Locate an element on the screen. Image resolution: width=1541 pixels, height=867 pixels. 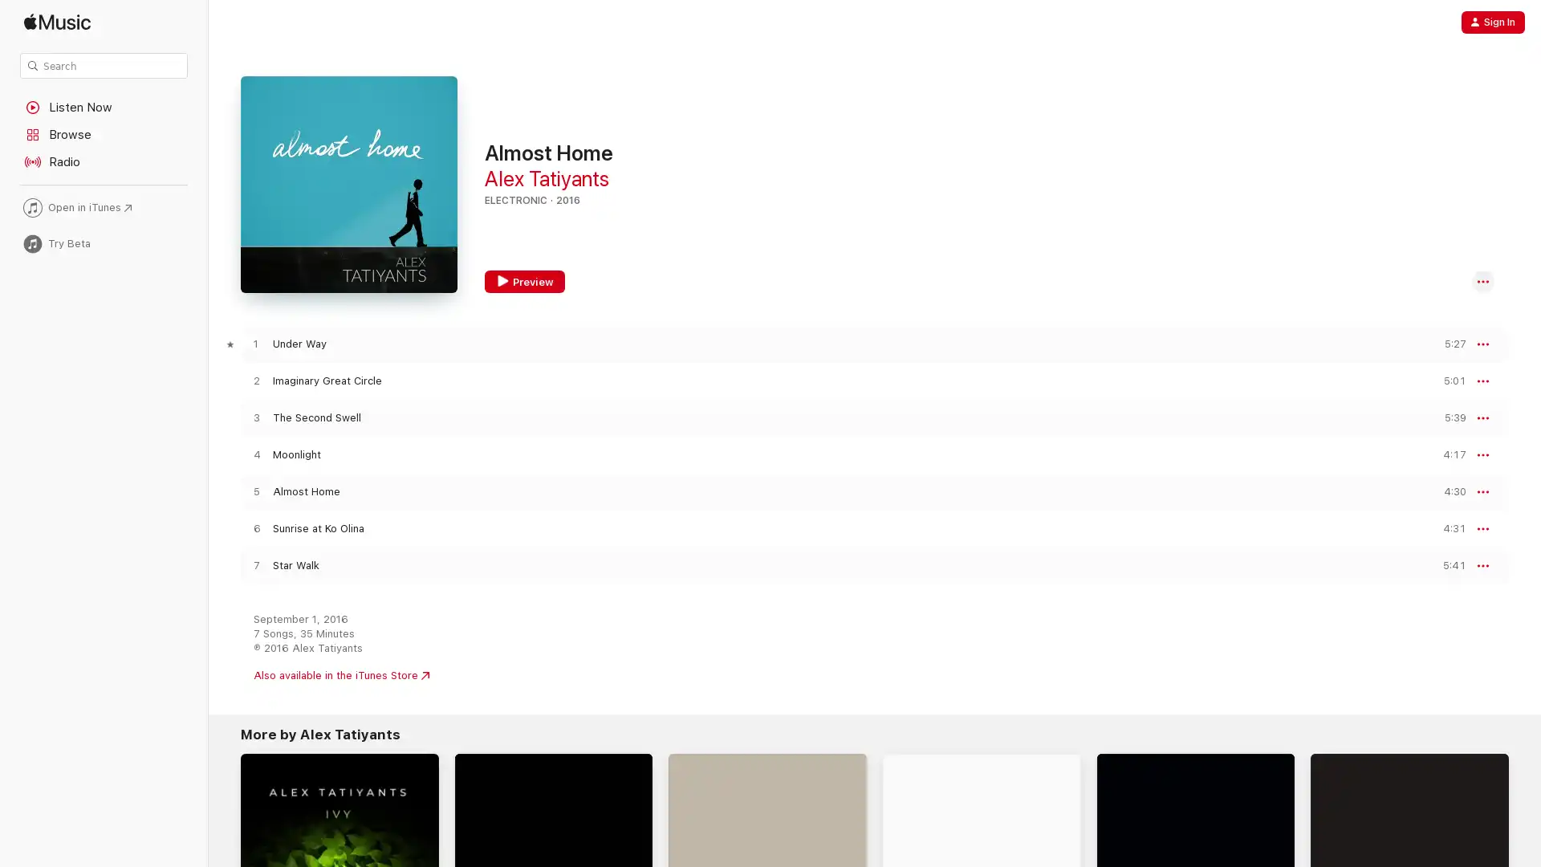
Try Beta is located at coordinates (103, 243).